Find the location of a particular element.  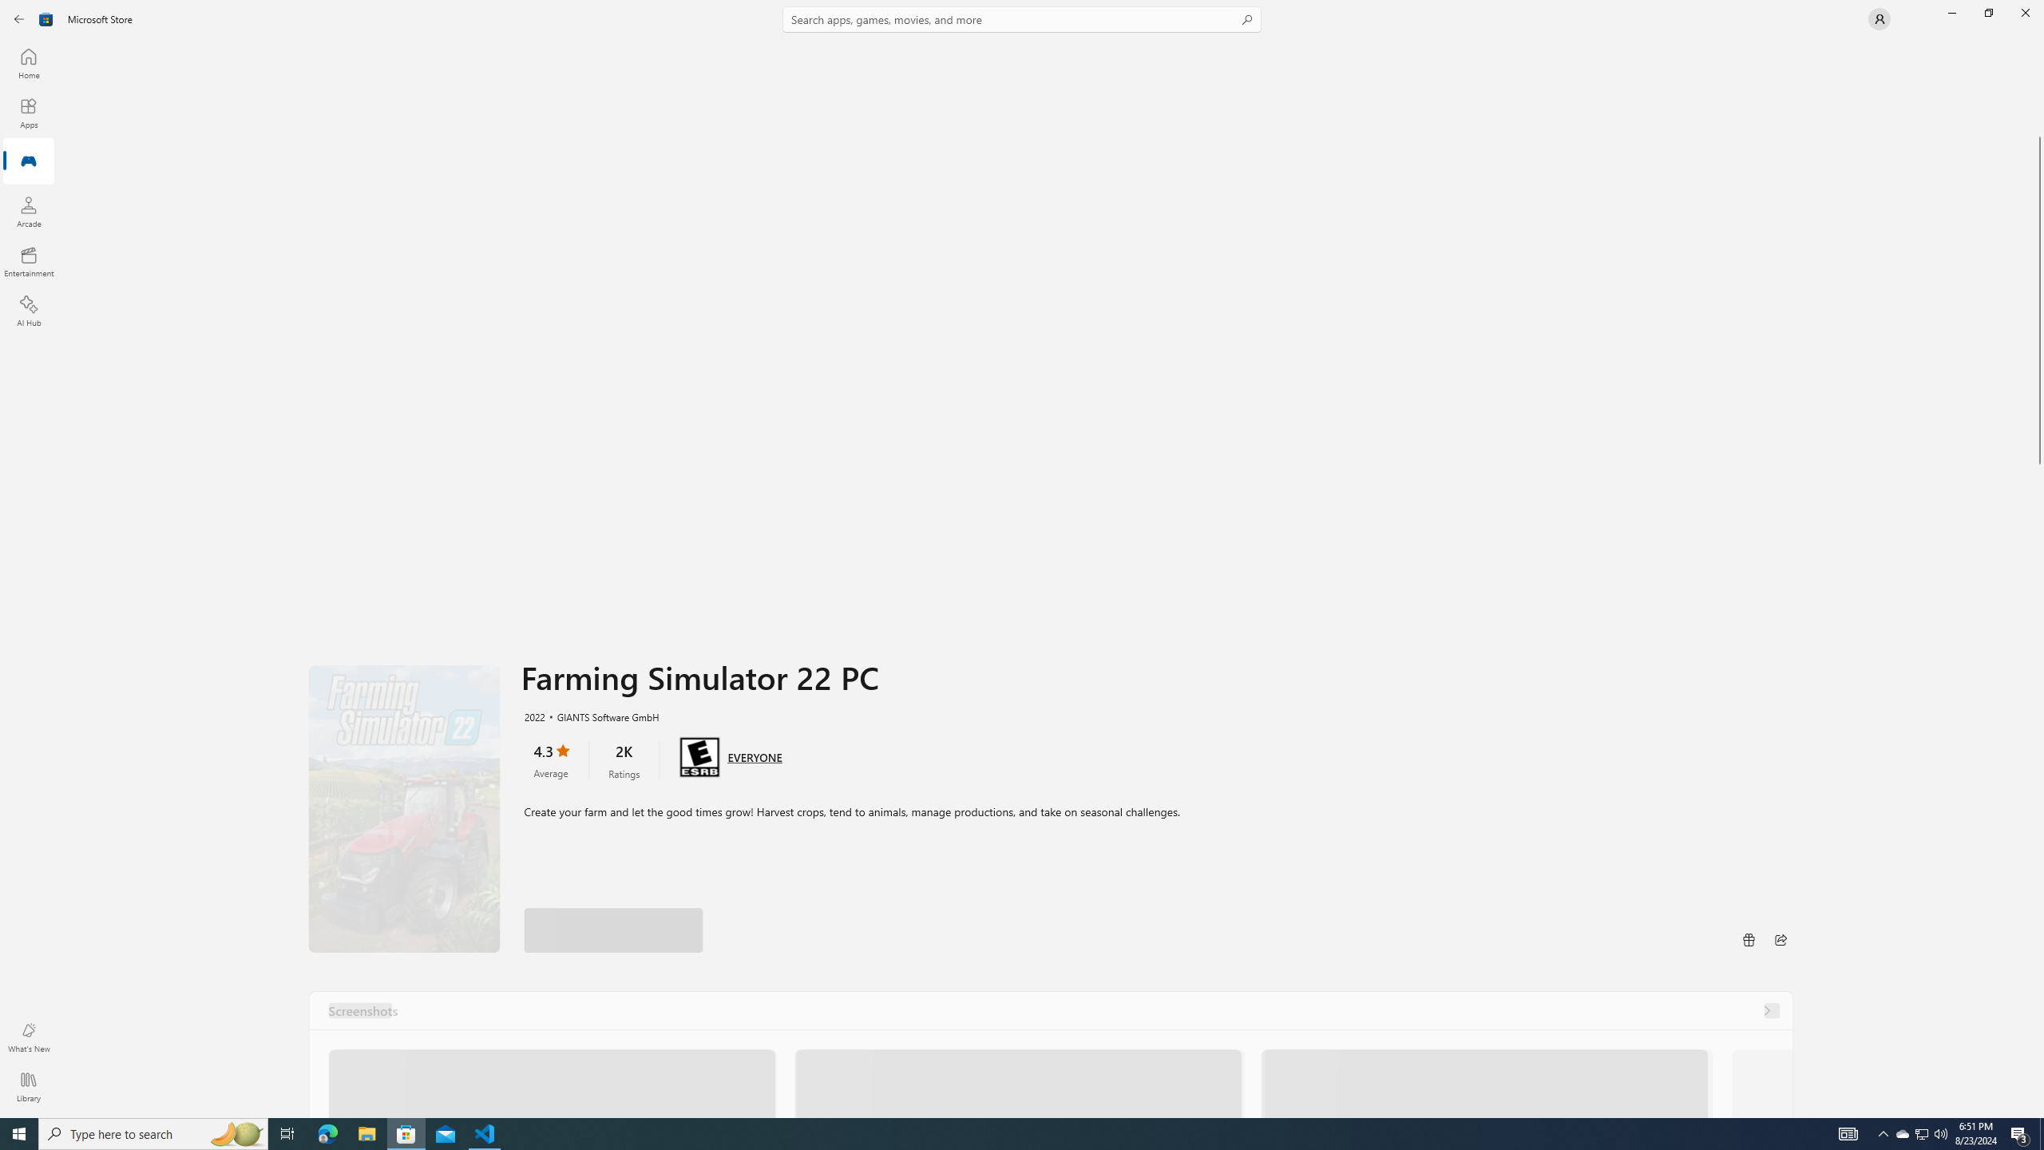

'Vertical' is located at coordinates (2038, 578).